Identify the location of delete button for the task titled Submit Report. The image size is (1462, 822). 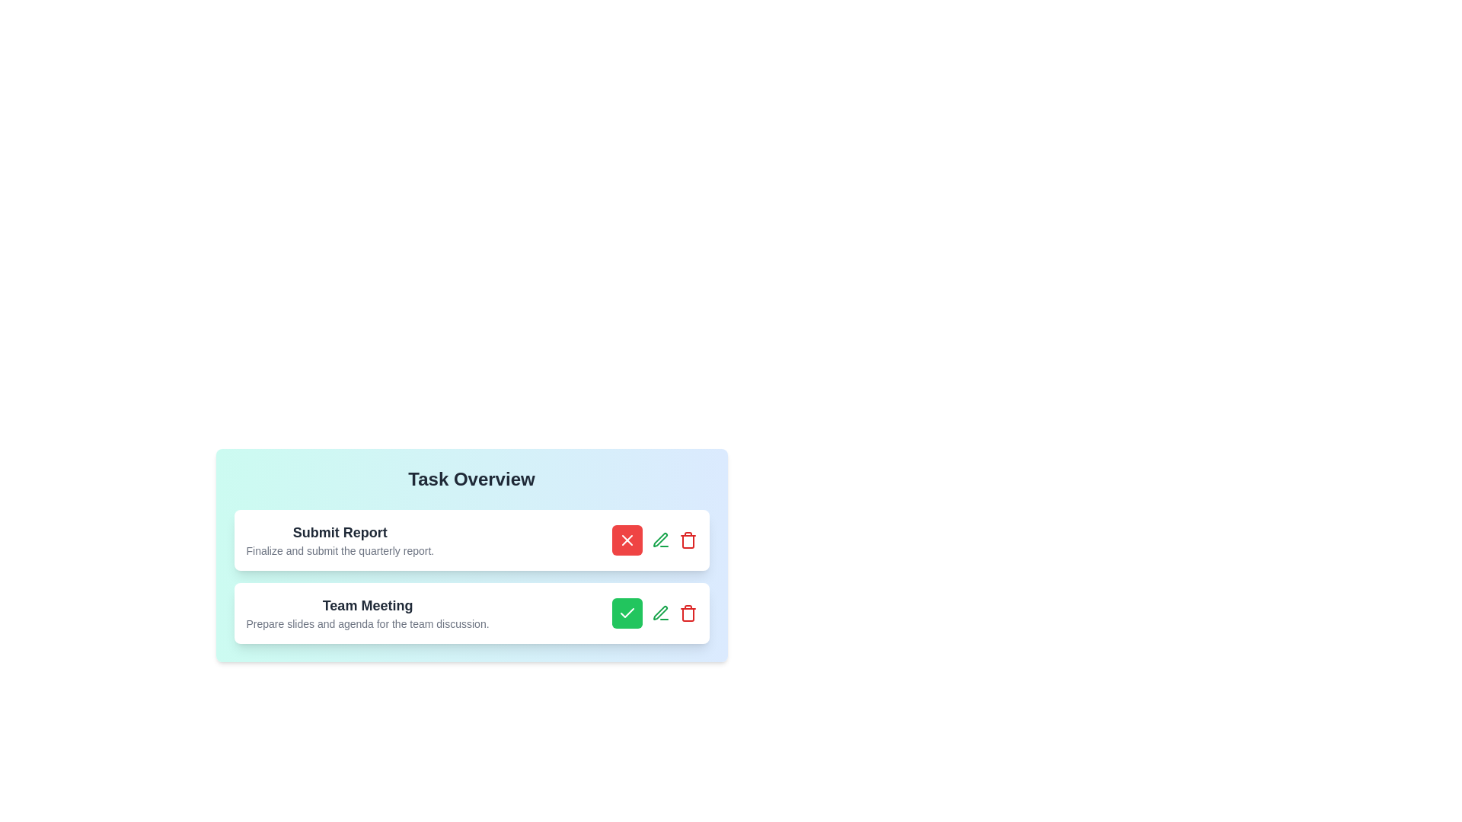
(687, 539).